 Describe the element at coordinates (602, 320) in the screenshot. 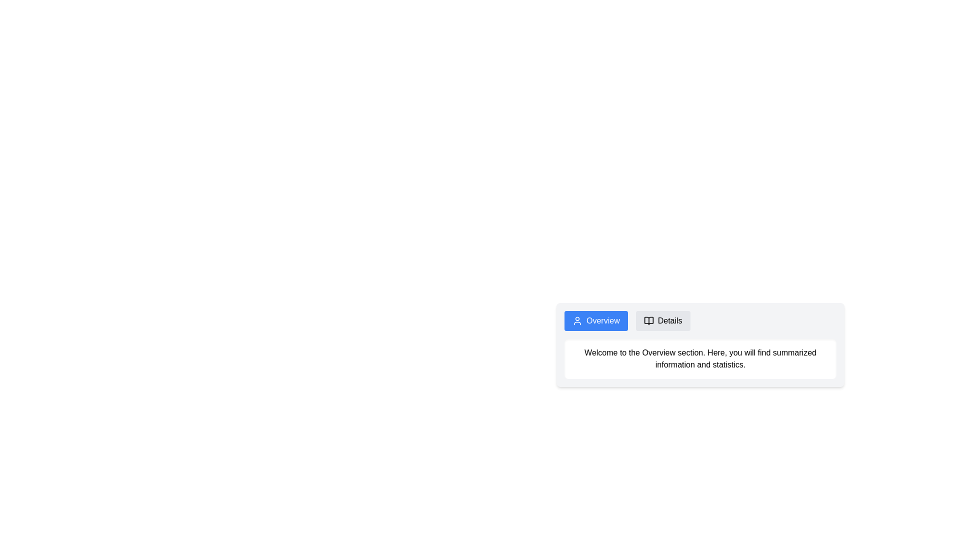

I see `the 'Overview' text label on the blue button in the navigation bar` at that location.